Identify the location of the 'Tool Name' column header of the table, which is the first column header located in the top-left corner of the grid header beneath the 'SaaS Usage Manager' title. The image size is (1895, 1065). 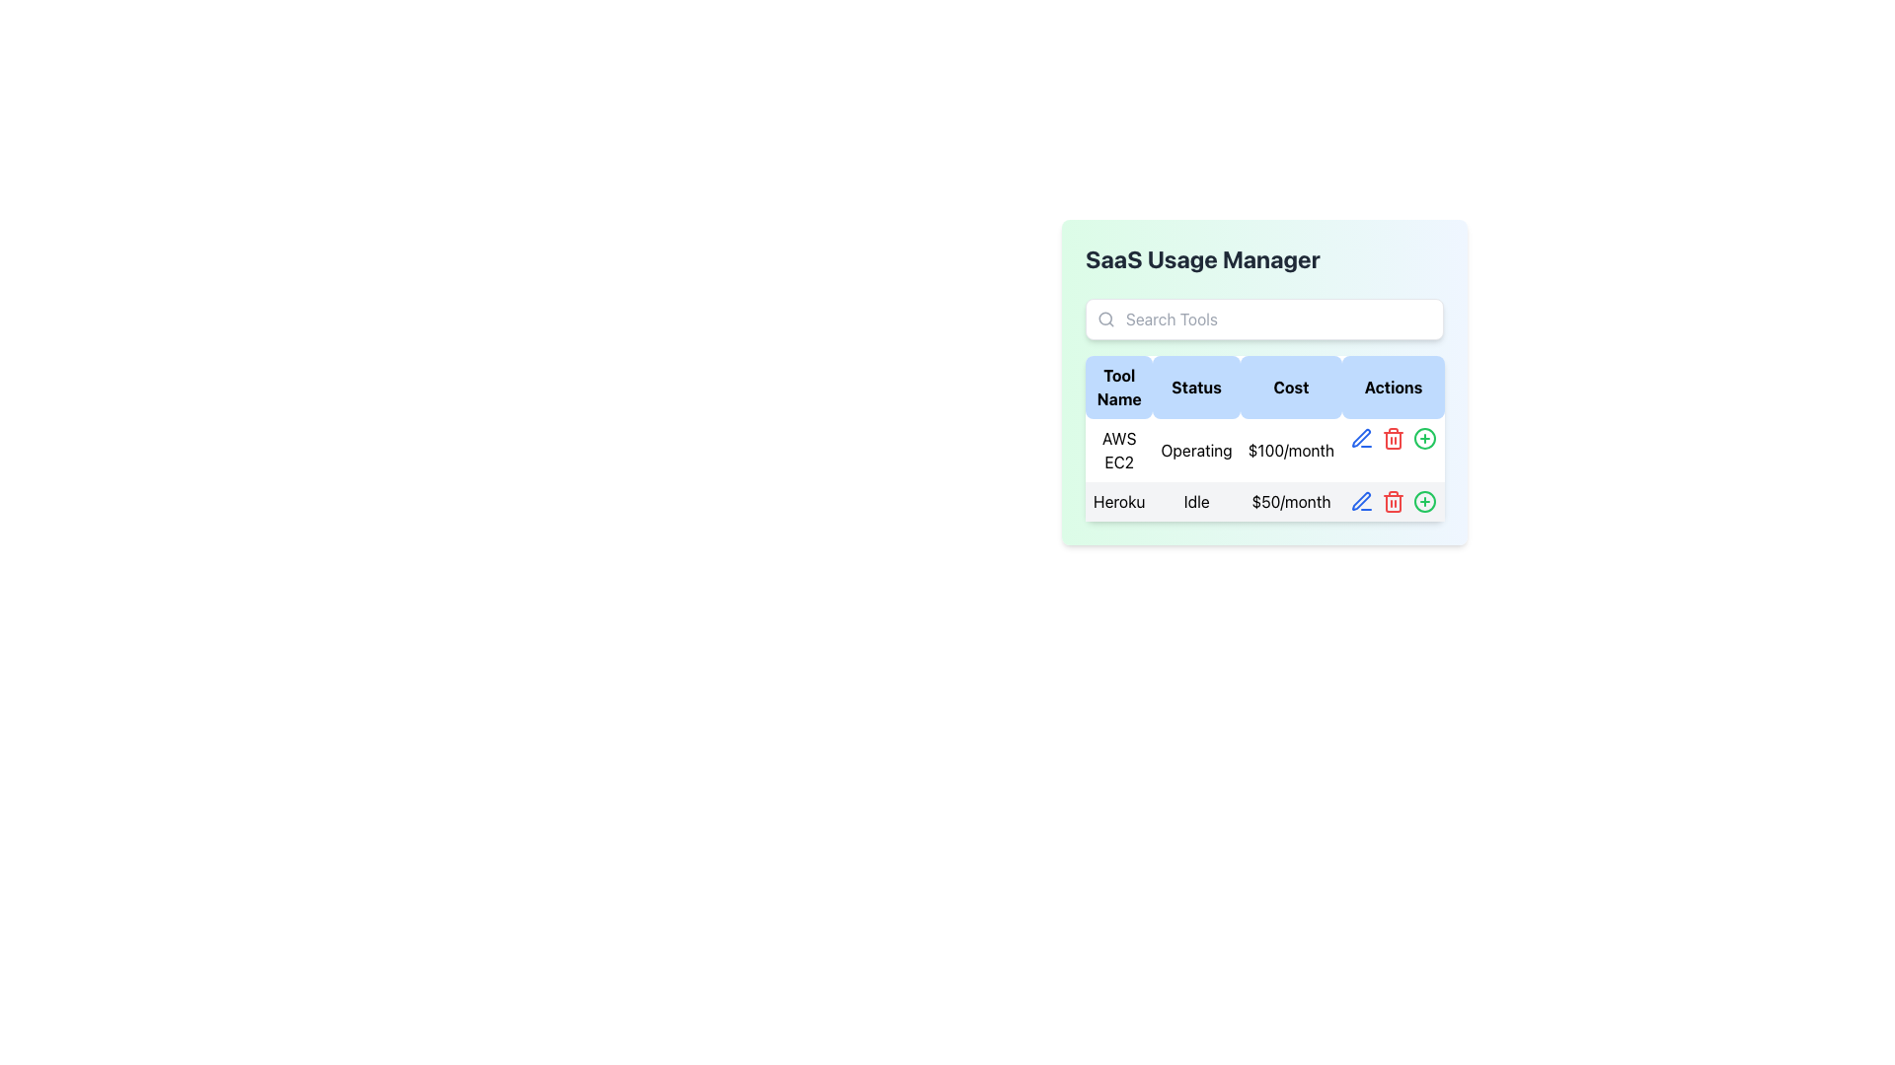
(1119, 388).